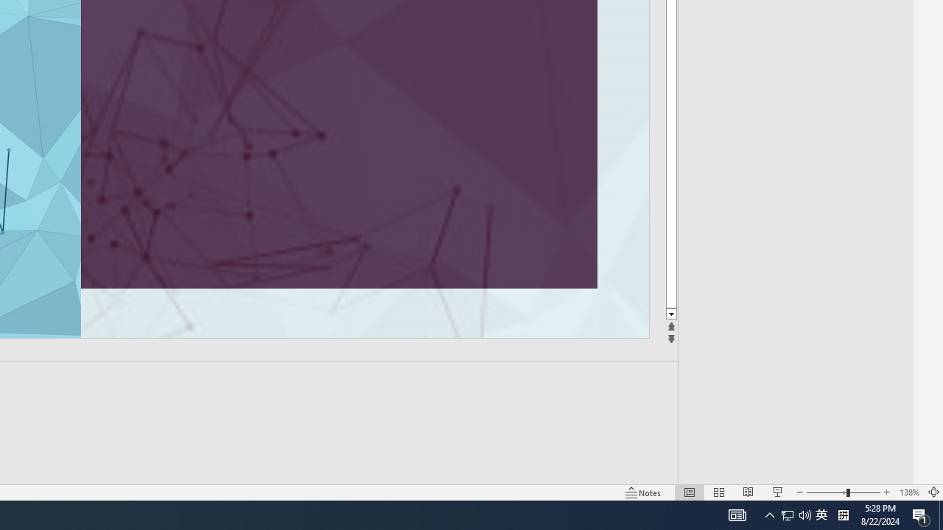 The height and width of the screenshot is (530, 943). I want to click on 'Notes ', so click(644, 492).